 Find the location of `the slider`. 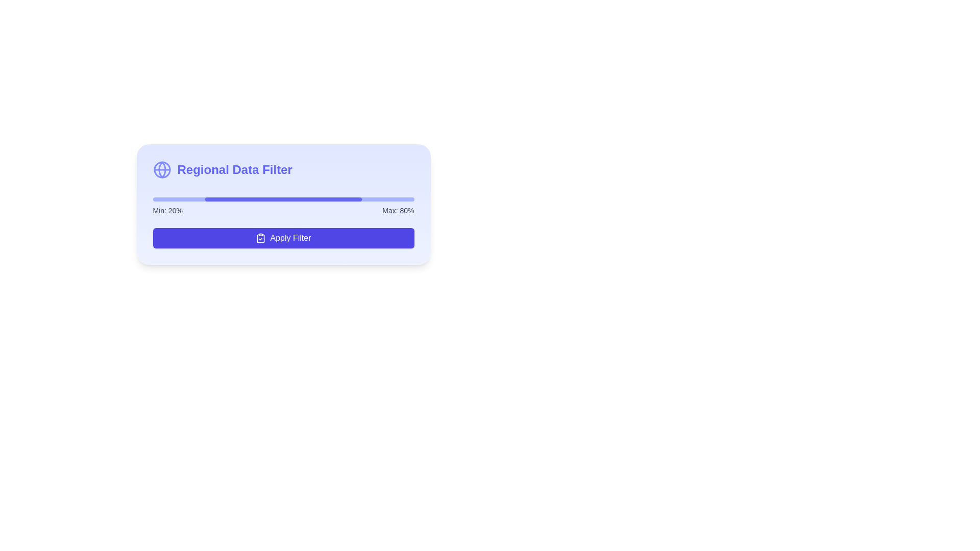

the slider is located at coordinates (233, 197).